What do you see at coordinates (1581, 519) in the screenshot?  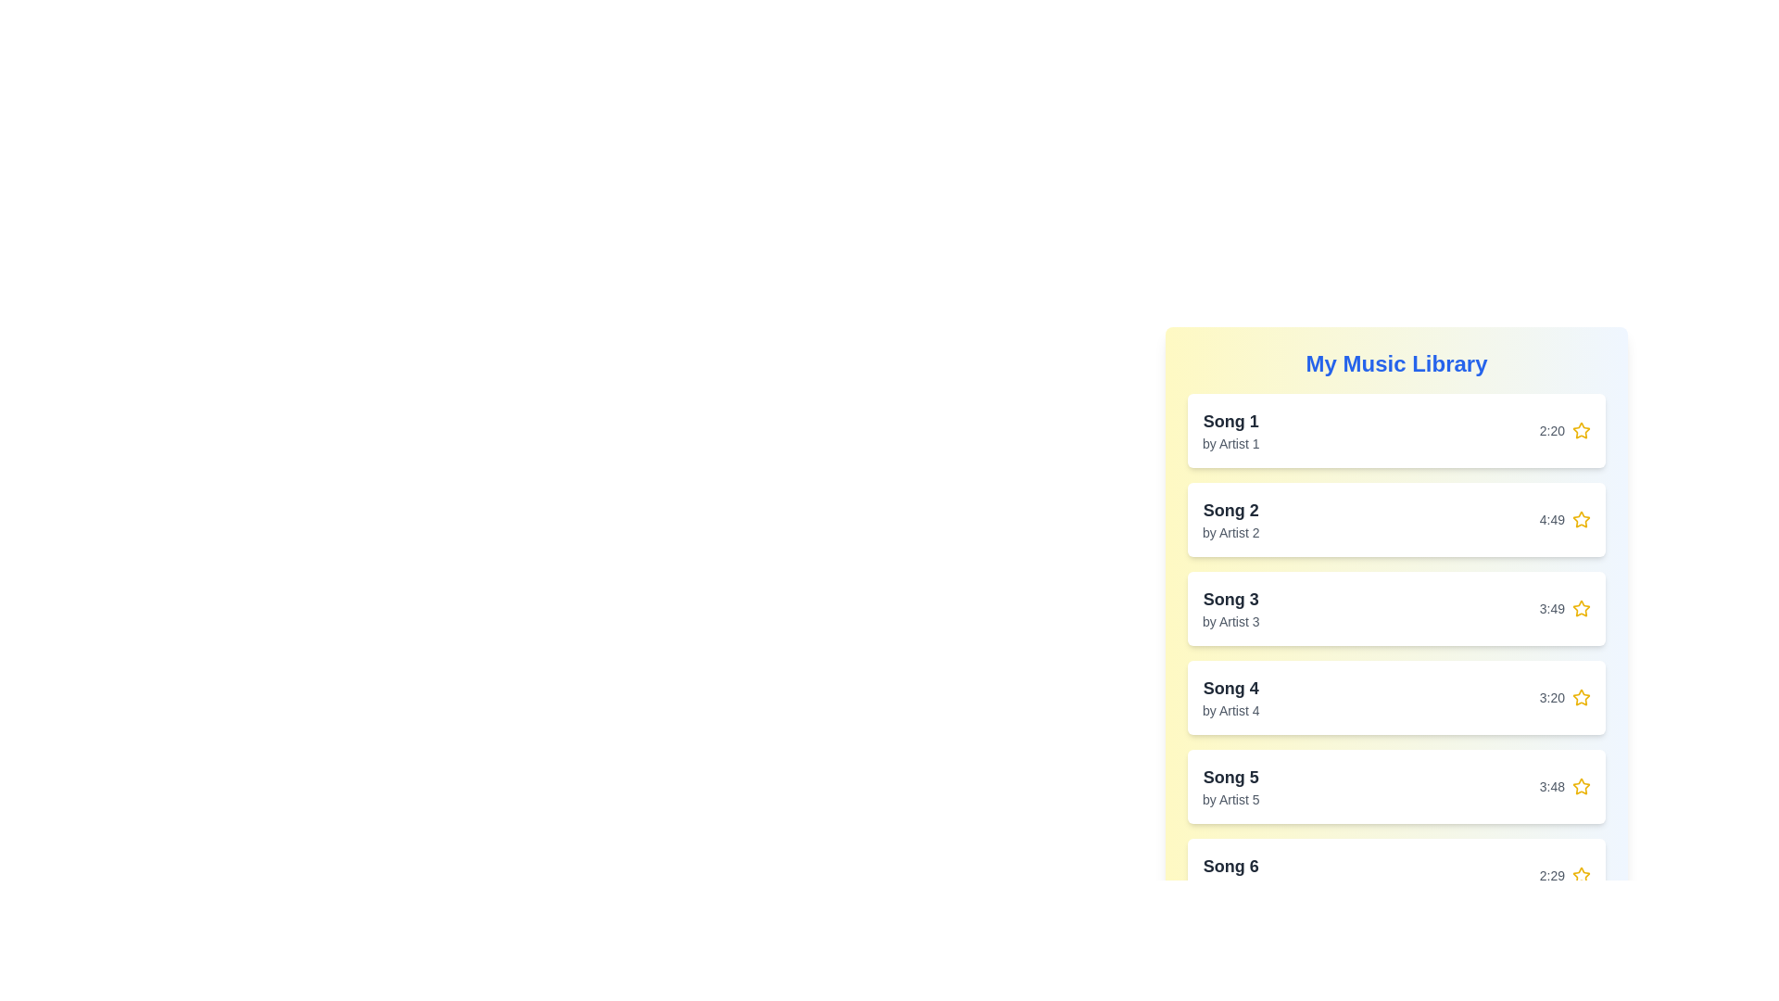 I see `the star-shaped icon with a gold fill color, located adjacent to the '4:49' text in the 'My Music Library' list` at bounding box center [1581, 519].